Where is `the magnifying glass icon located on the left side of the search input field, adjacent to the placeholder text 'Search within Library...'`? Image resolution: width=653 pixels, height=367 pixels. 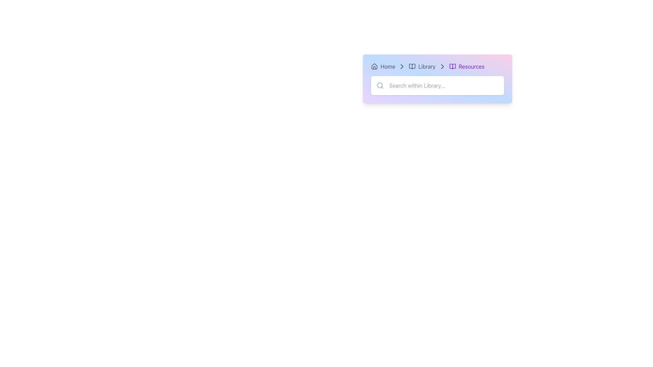
the magnifying glass icon located on the left side of the search input field, adjacent to the placeholder text 'Search within Library...' is located at coordinates (380, 85).